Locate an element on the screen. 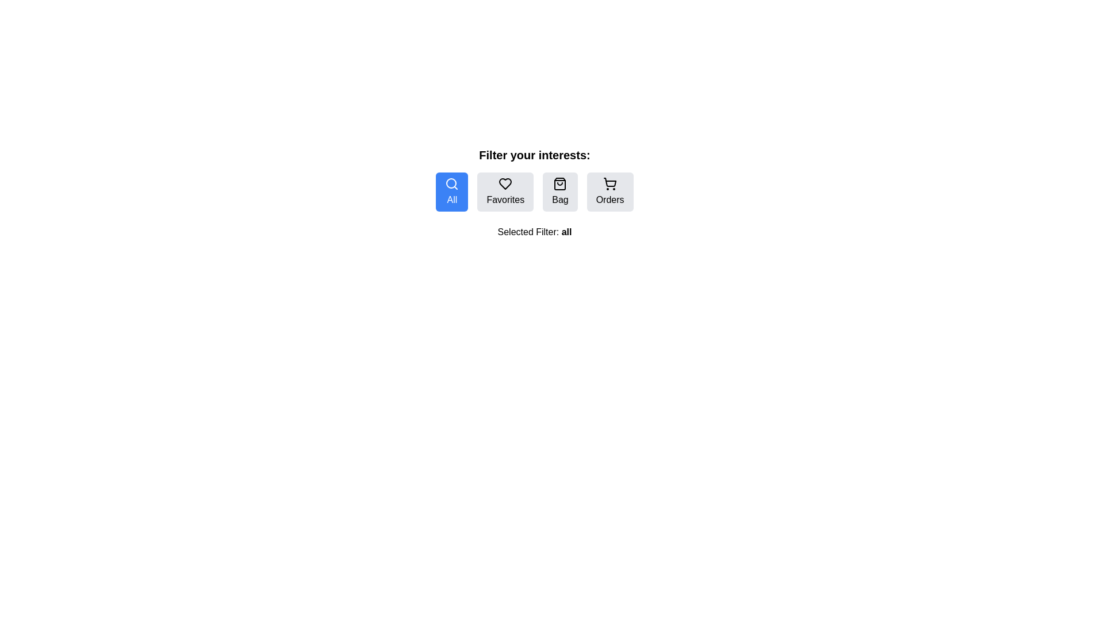 Image resolution: width=1104 pixels, height=621 pixels. the Favorites filter button to change the active filter is located at coordinates (505, 191).